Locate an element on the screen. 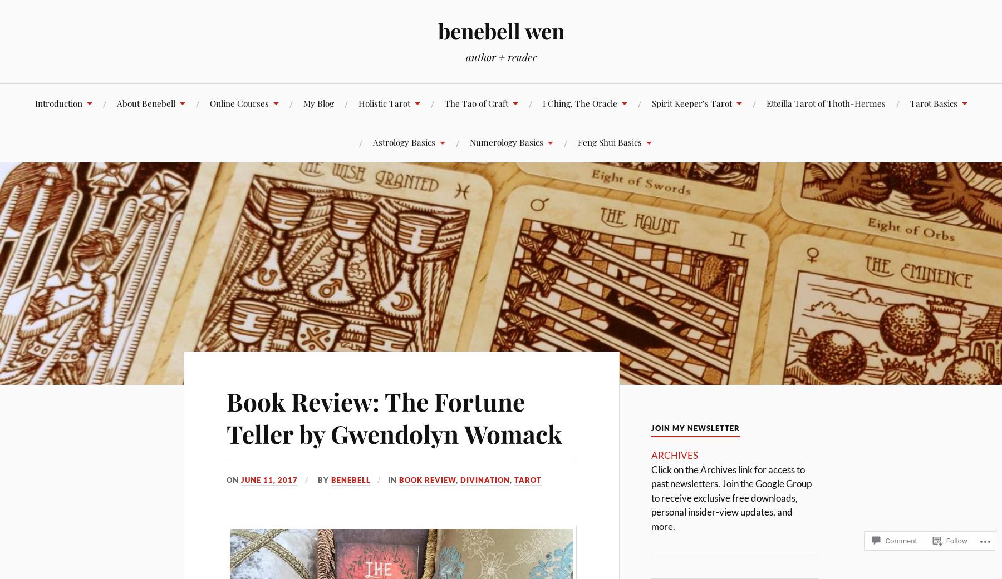 The height and width of the screenshot is (579, 1002). 'tarot' is located at coordinates (527, 479).